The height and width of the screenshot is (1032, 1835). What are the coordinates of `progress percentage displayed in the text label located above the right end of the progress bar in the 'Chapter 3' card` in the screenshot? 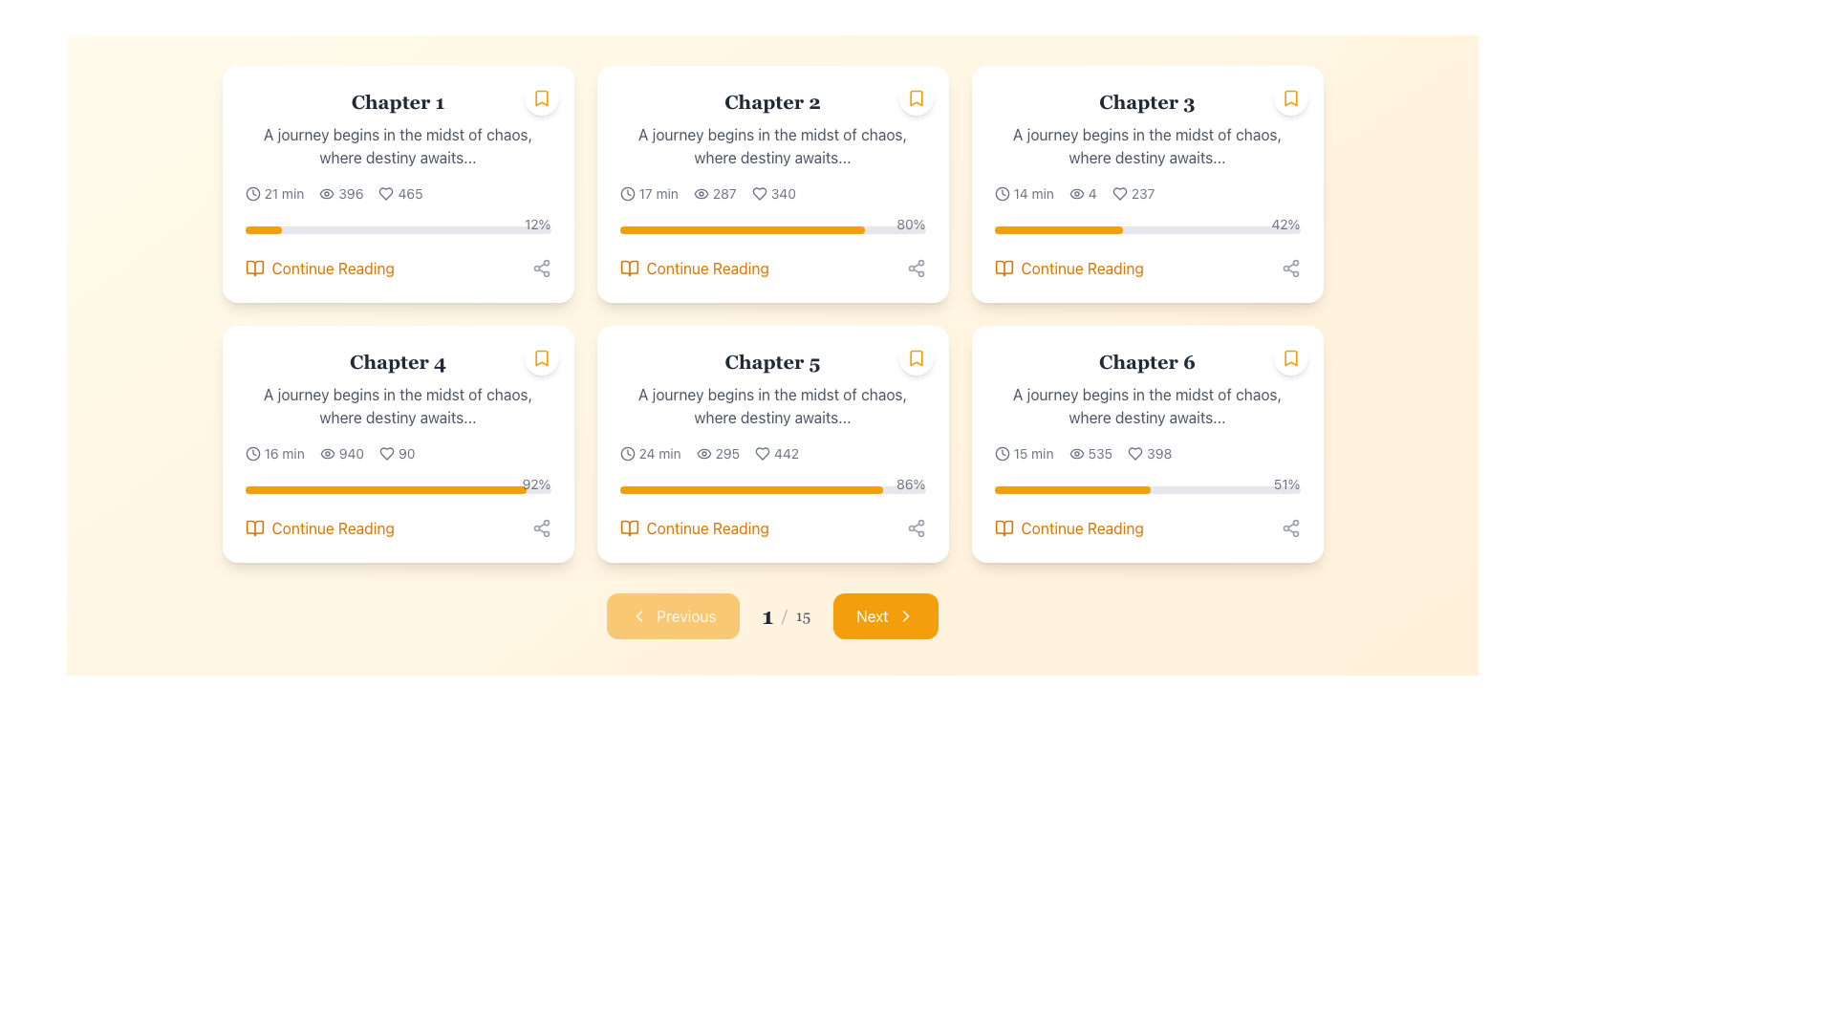 It's located at (1285, 224).